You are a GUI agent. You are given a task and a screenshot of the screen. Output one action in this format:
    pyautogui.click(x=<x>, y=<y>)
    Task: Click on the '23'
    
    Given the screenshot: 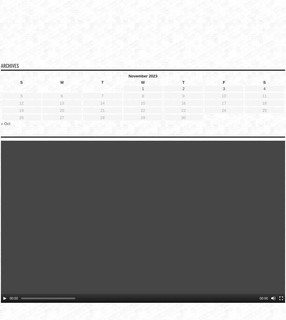 What is the action you would take?
    pyautogui.click(x=183, y=100)
    